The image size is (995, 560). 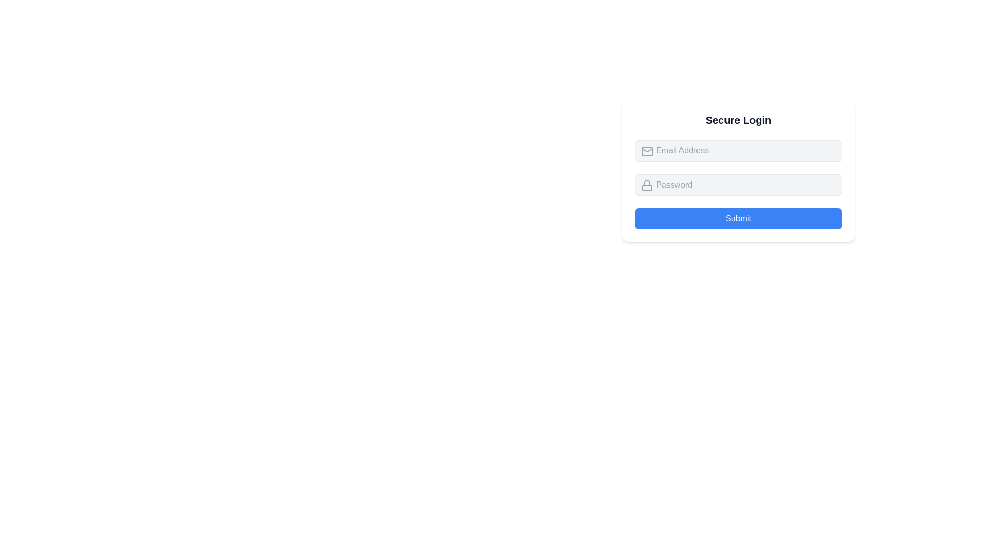 I want to click on the envelope-shaped email indicator icon located to the left of the 'Email Address' input field in the centrally aligned login form, so click(x=646, y=151).